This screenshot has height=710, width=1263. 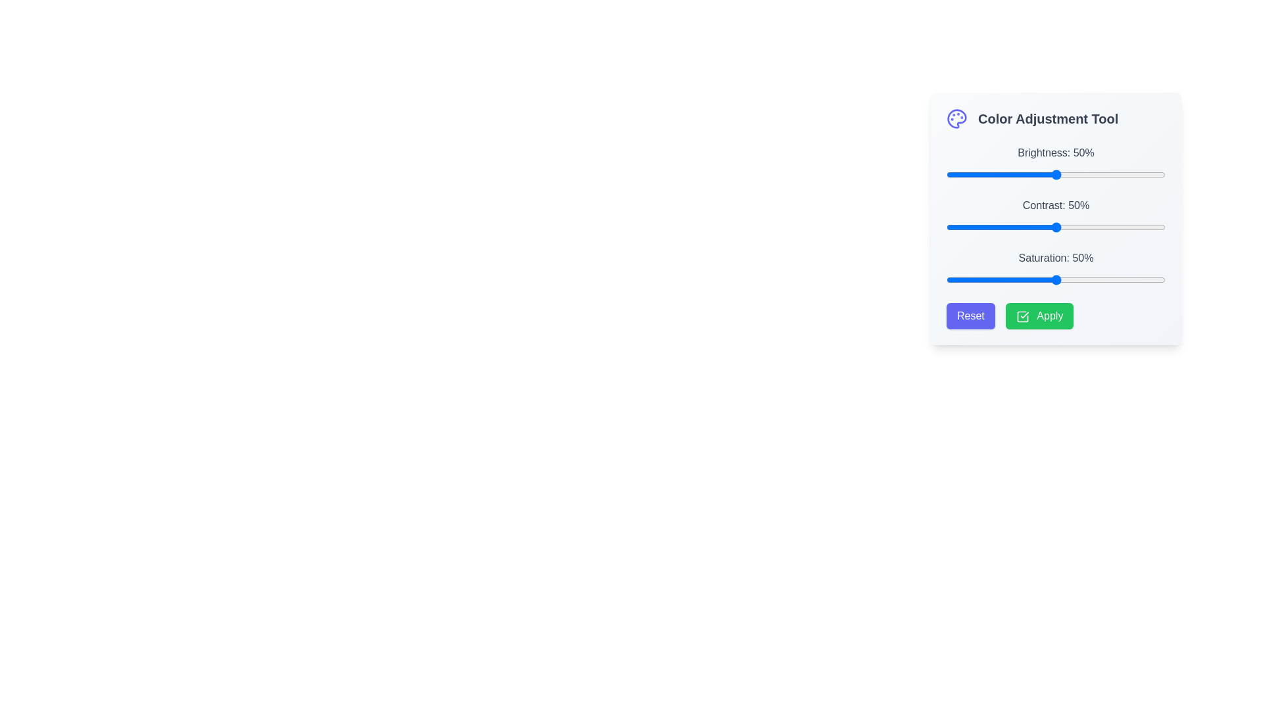 What do you see at coordinates (1029, 279) in the screenshot?
I see `saturation` at bounding box center [1029, 279].